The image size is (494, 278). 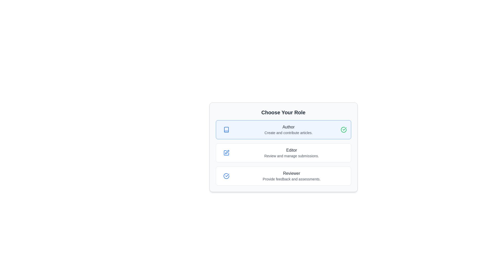 I want to click on the text element that reads 'Create and contribute articles.' located beneath the 'Author' label, so click(x=288, y=133).